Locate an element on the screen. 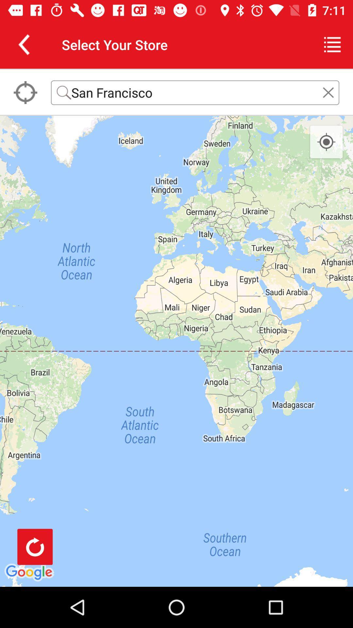 This screenshot has width=353, height=628. the item next to select your store is located at coordinates (24, 44).